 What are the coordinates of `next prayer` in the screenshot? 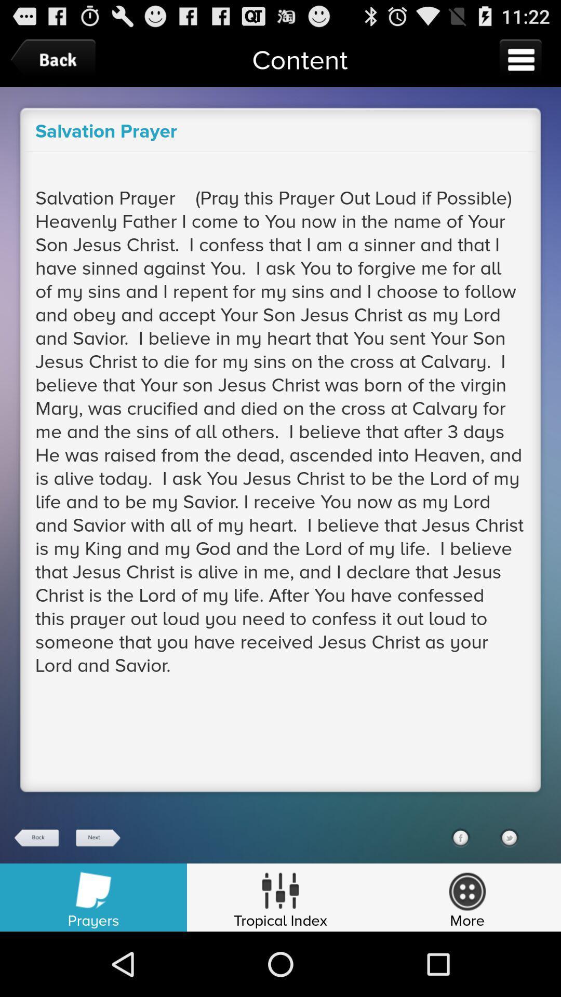 It's located at (97, 838).